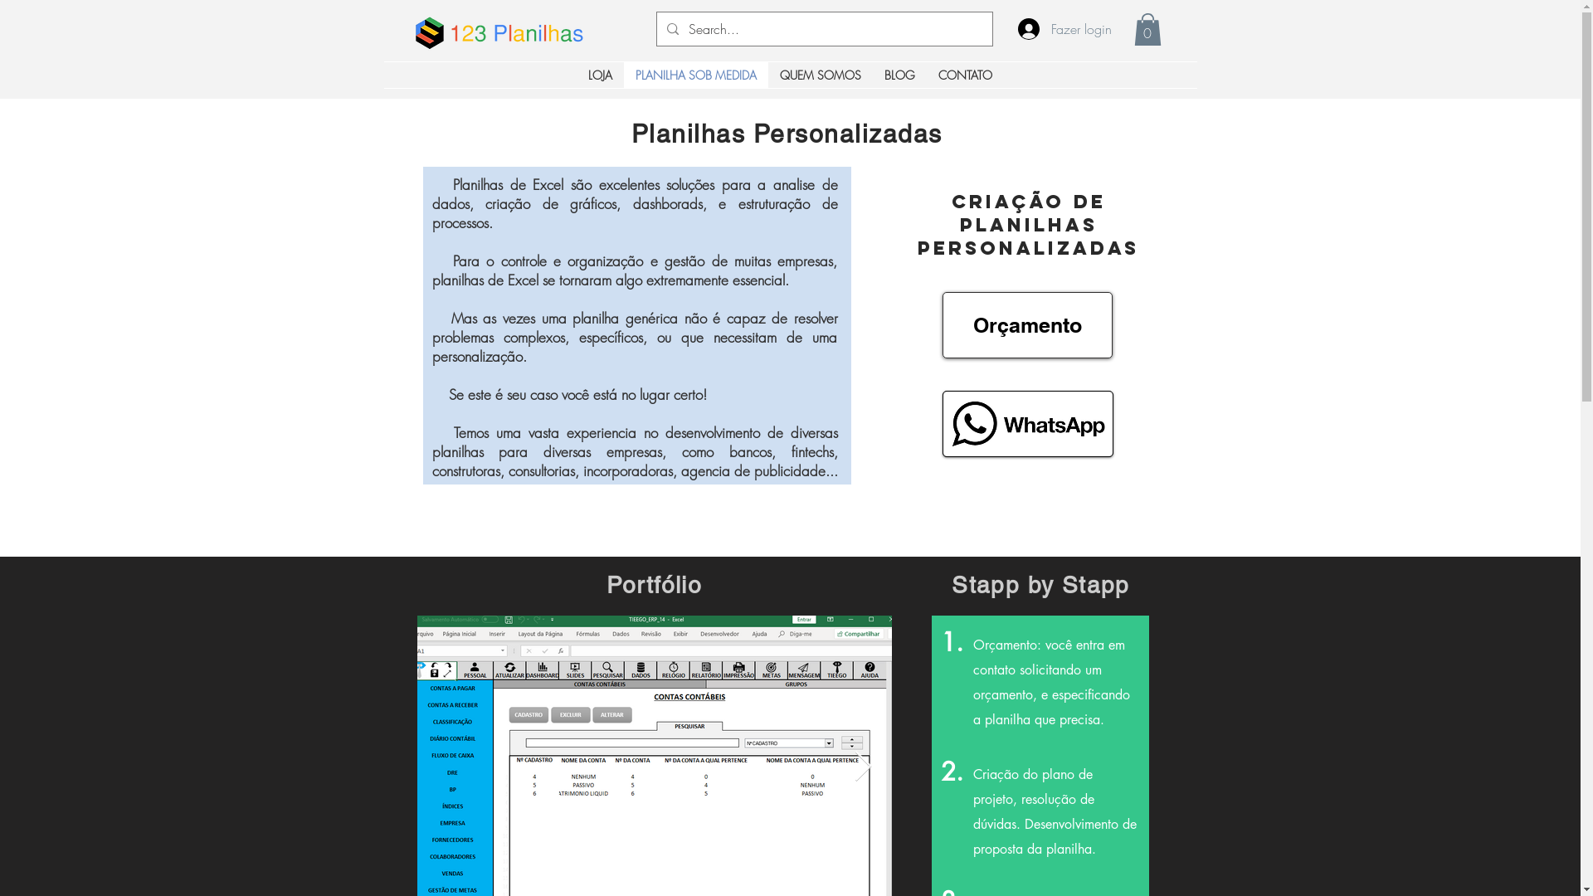  I want to click on 'QUEM SOMOS', so click(820, 75).